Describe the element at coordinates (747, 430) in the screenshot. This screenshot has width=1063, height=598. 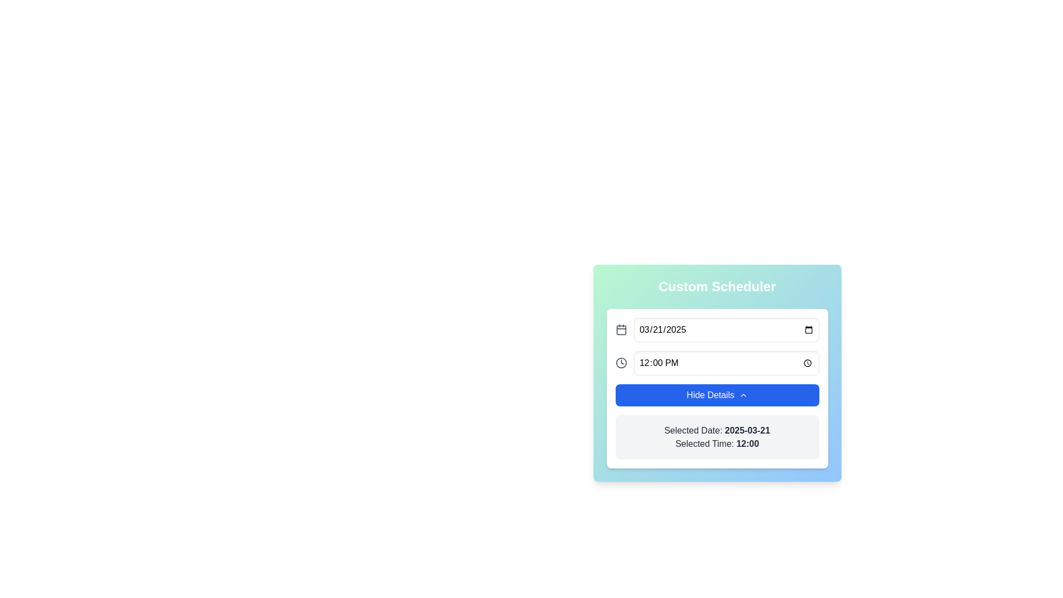
I see `the Text label displaying '2025-03-21' in bold font, located within the 'Custom Scheduler' interface` at that location.